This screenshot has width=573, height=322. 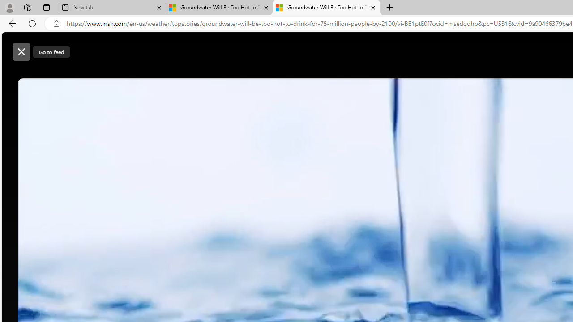 I want to click on 'Go to feed', so click(x=51, y=51).